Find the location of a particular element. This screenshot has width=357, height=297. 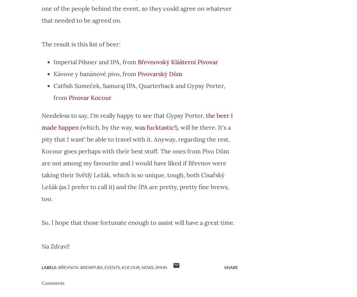

'Events' is located at coordinates (112, 267).